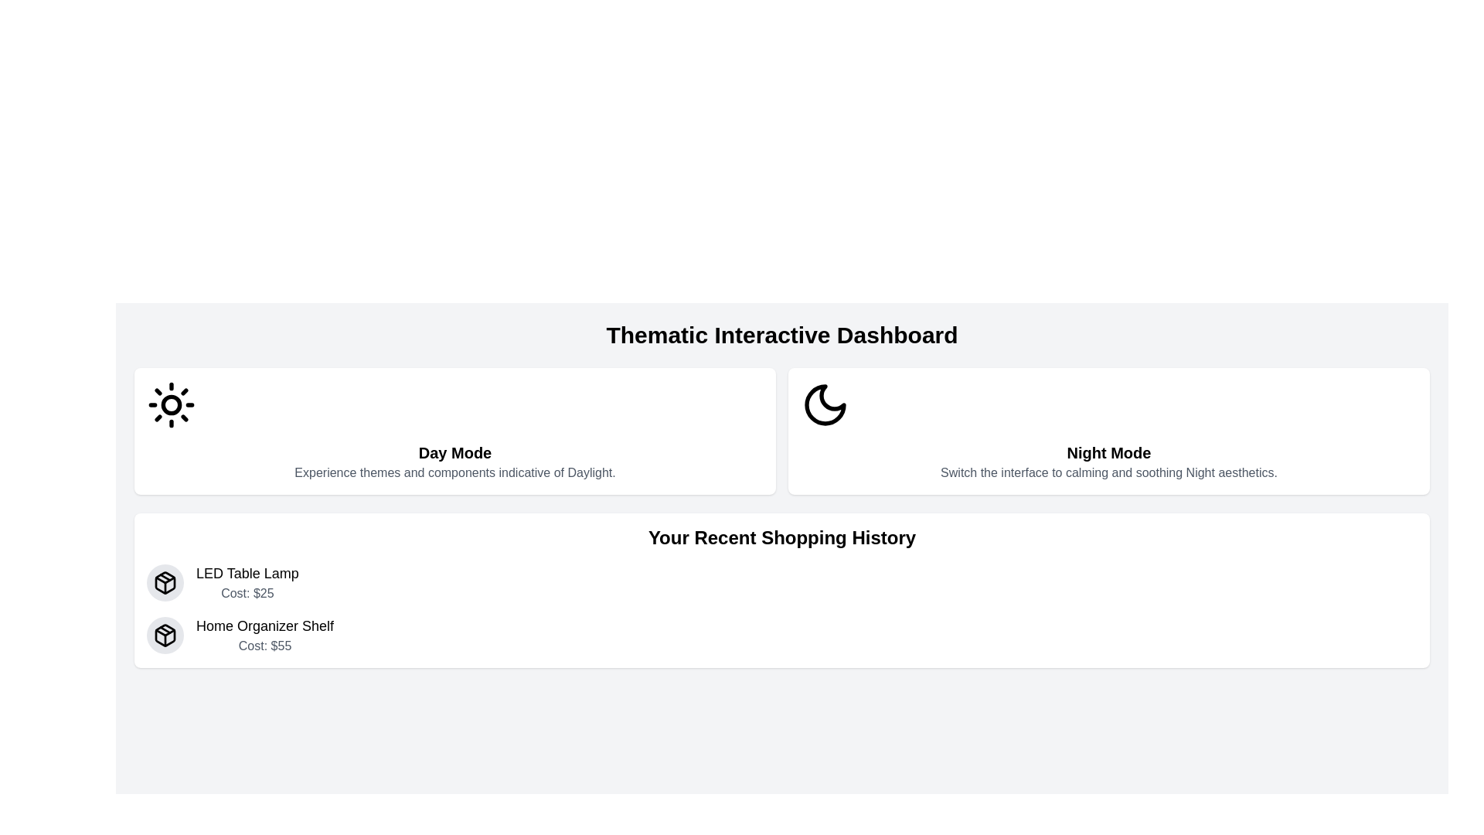 This screenshot has width=1484, height=835. What do you see at coordinates (165, 635) in the screenshot?
I see `the black outlined icon resembling a box or package located under the 'Your Recent Shopping History' heading, specifically part of the second entry labeled 'Home Organizer Shelf', situated on the left side of the text 'Home Organizer Shelf'` at bounding box center [165, 635].